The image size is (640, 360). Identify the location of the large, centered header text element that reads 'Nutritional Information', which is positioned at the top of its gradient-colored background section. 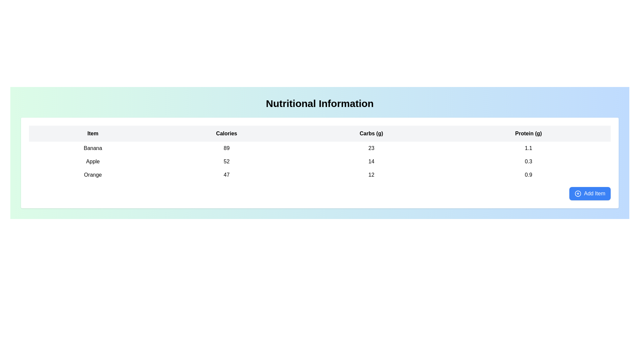
(319, 104).